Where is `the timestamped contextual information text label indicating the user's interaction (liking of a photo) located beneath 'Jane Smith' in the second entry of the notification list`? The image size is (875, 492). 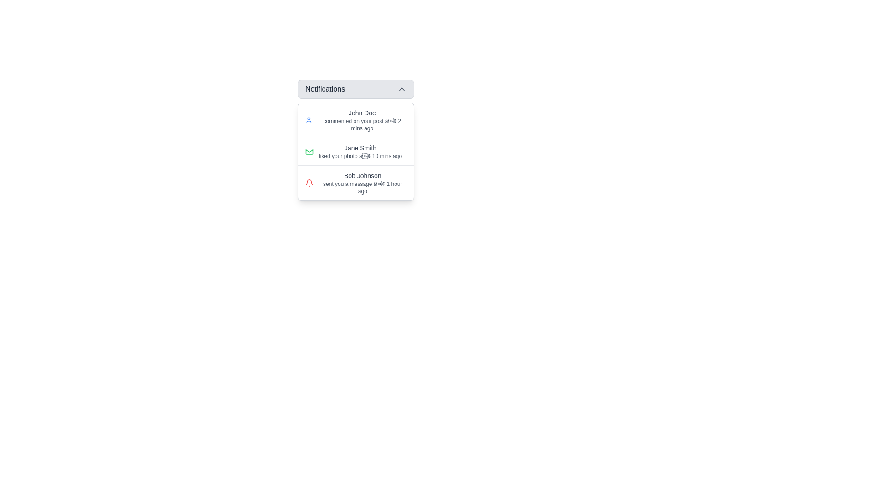 the timestamped contextual information text label indicating the user's interaction (liking of a photo) located beneath 'Jane Smith' in the second entry of the notification list is located at coordinates (360, 156).